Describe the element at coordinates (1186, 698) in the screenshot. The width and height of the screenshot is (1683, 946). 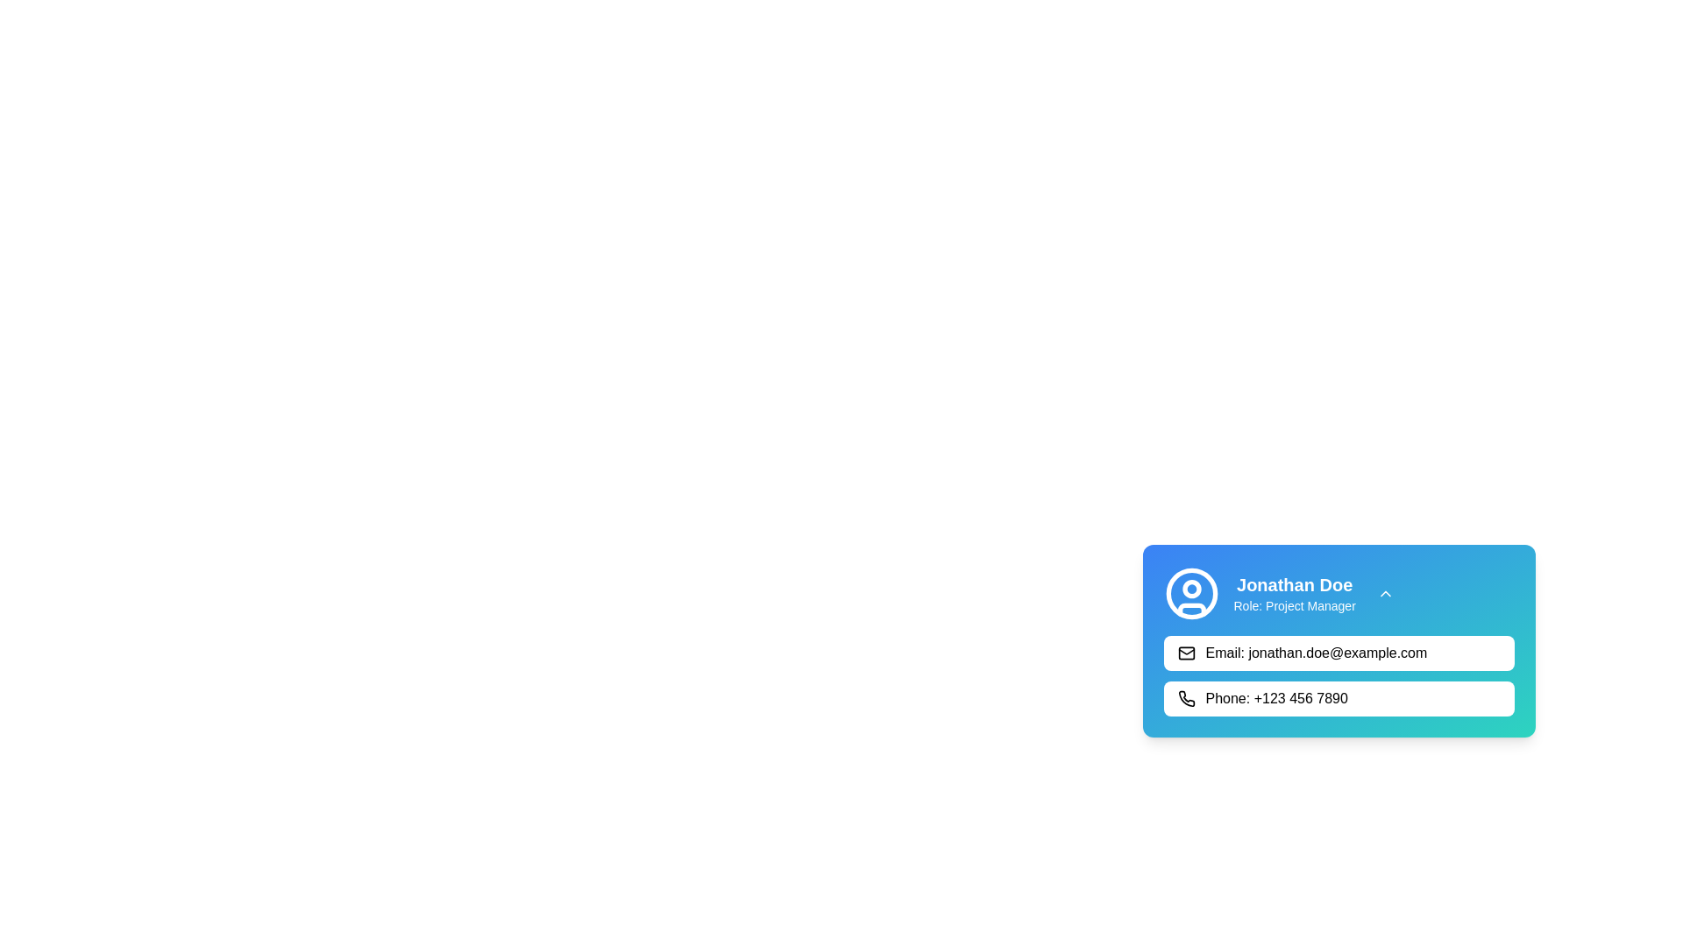
I see `the decorative phone icon located at the left end of the contact information UI component, adjacent to the phone number text` at that location.